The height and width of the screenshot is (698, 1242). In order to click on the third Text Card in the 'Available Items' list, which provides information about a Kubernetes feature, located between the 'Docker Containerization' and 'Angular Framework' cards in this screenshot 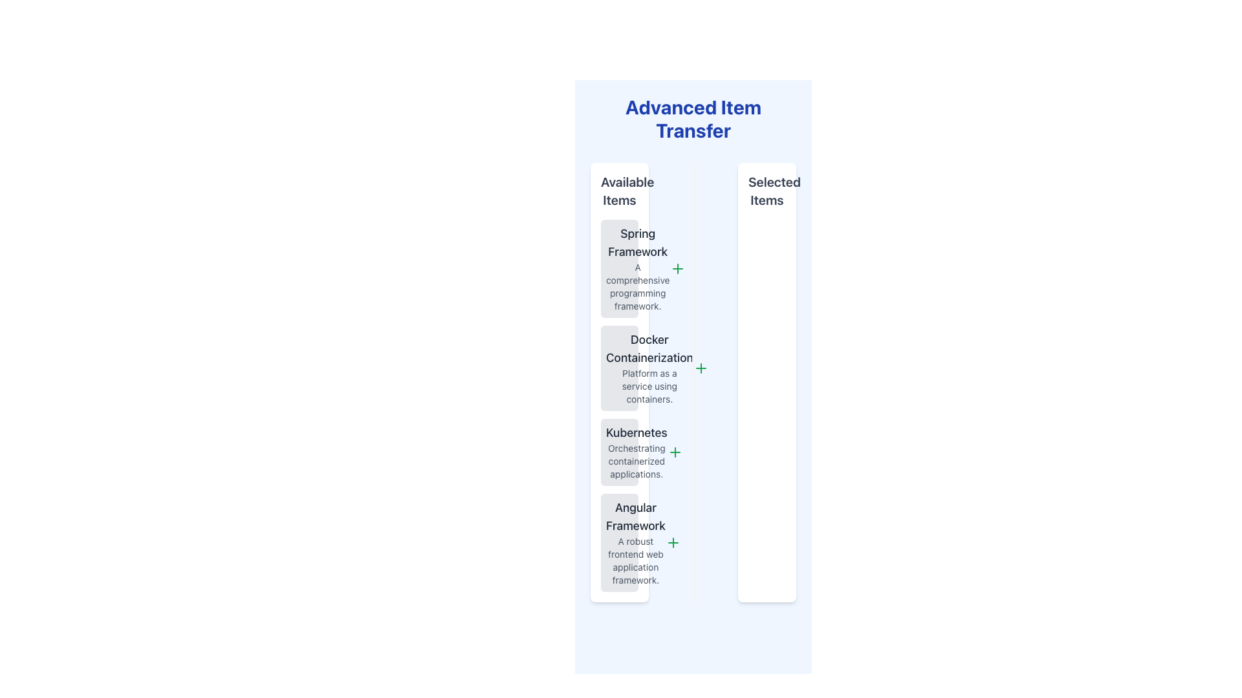, I will do `click(619, 451)`.